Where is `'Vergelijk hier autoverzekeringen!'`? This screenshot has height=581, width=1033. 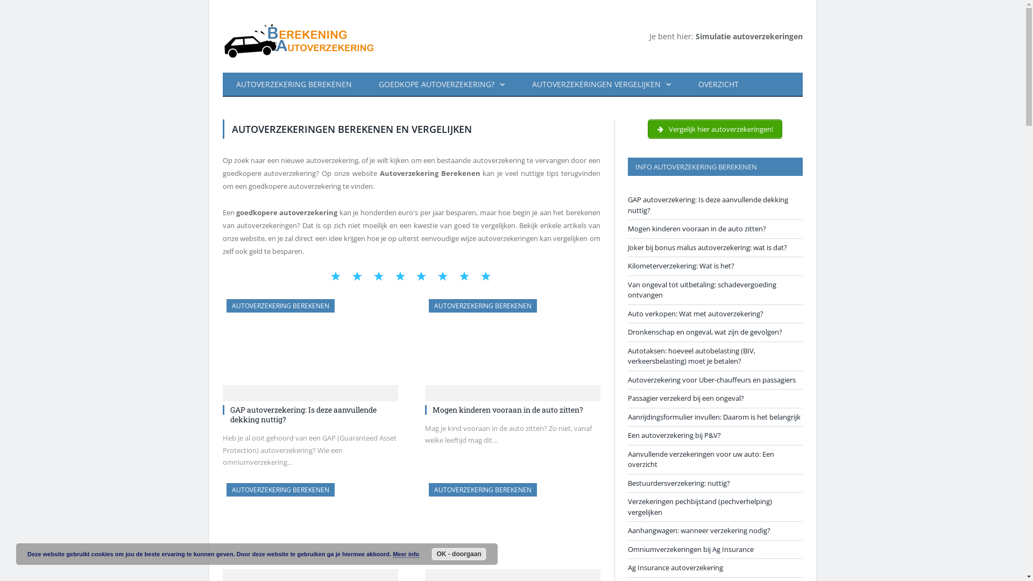
'Vergelijk hier autoverzekeringen!' is located at coordinates (715, 128).